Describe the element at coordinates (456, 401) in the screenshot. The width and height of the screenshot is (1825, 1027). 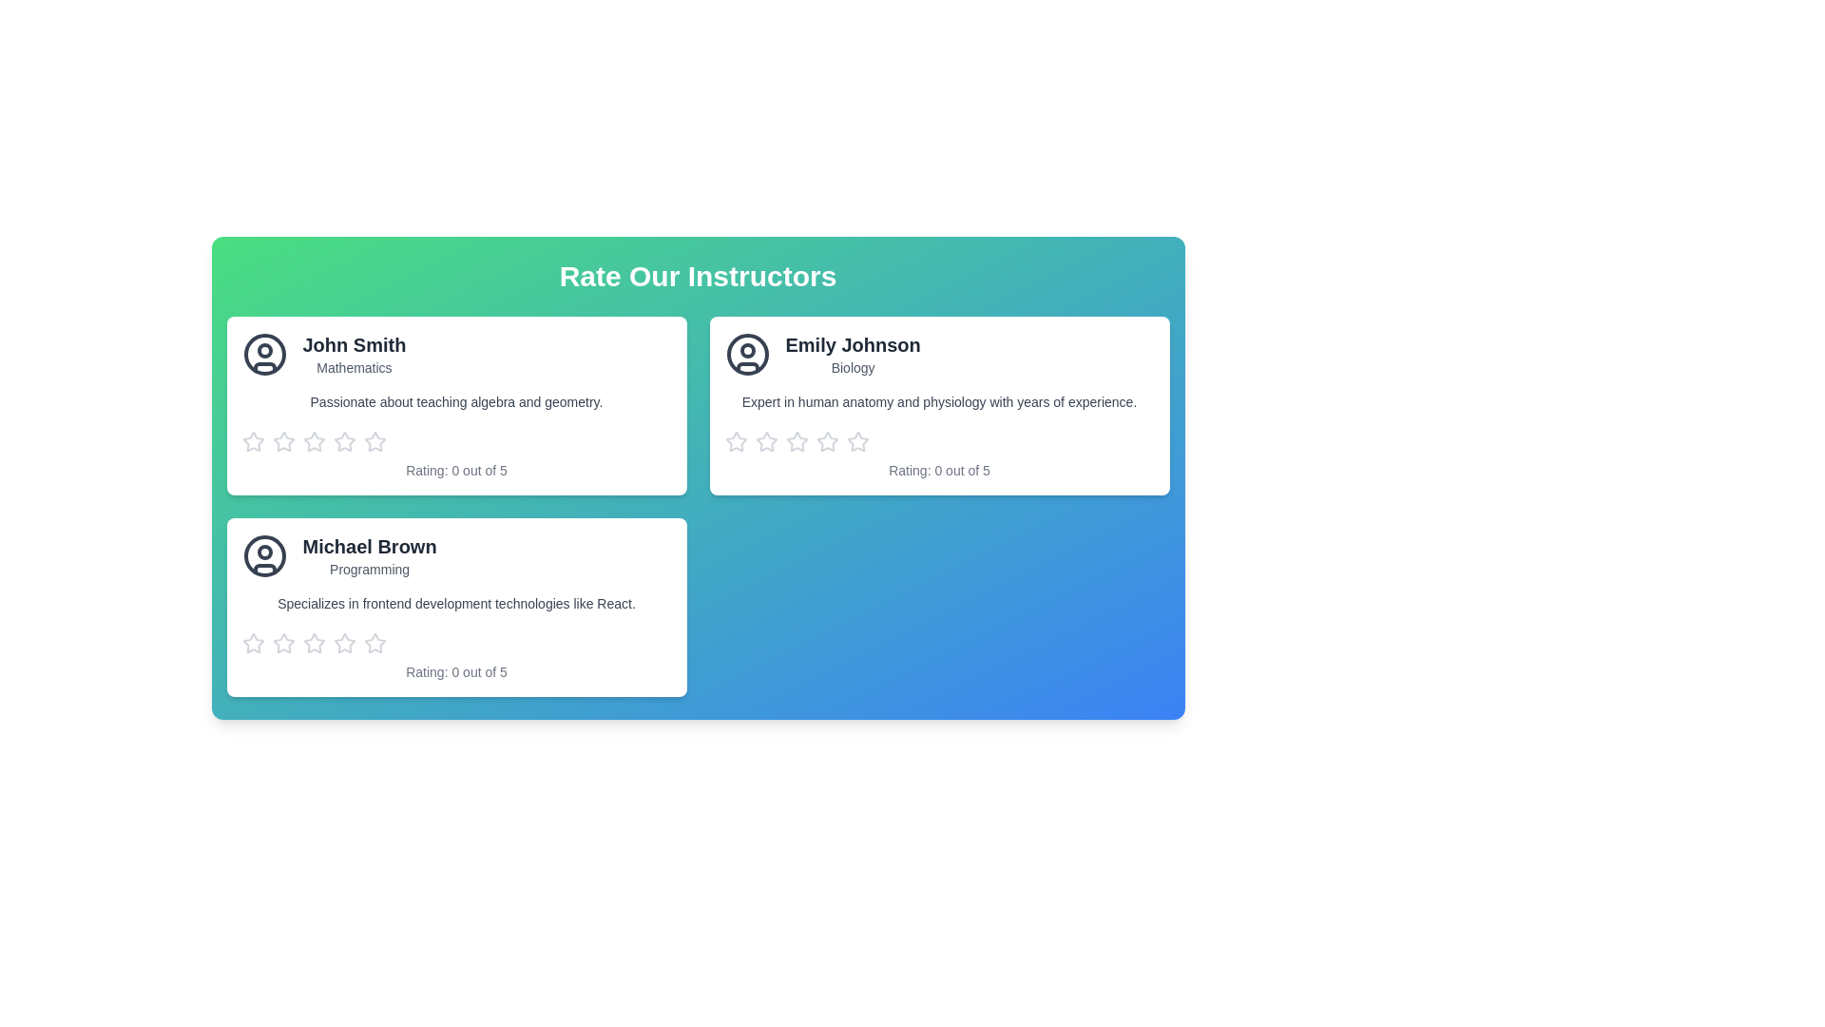
I see `the text element that summarizes John Smith's expertise in teaching mathematics, located centrally under the title and subtitle within the card titled 'John Smith'` at that location.